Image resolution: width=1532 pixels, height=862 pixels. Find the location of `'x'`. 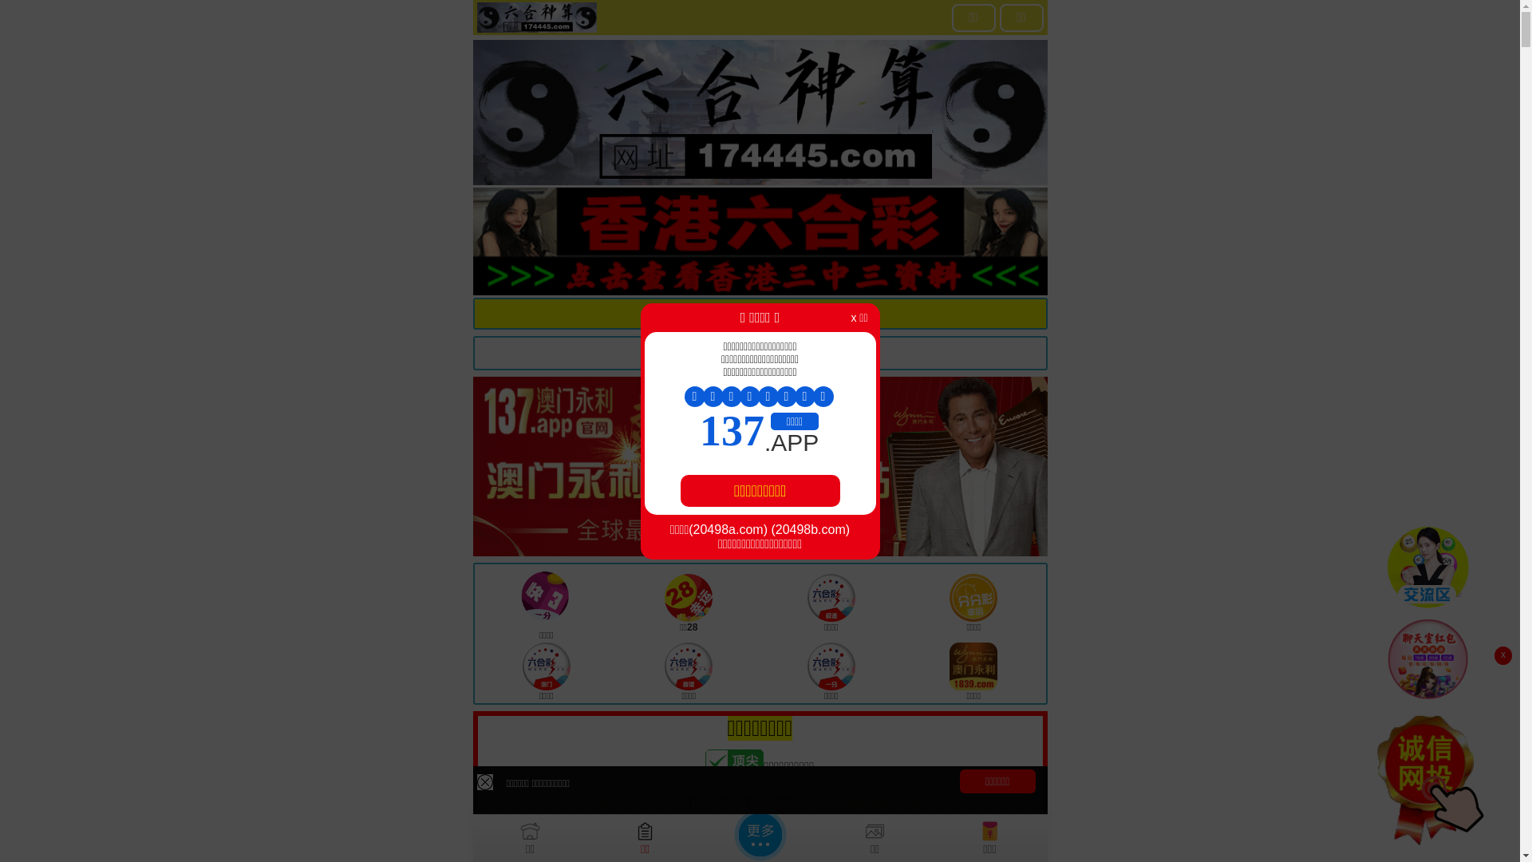

'x' is located at coordinates (1502, 655).